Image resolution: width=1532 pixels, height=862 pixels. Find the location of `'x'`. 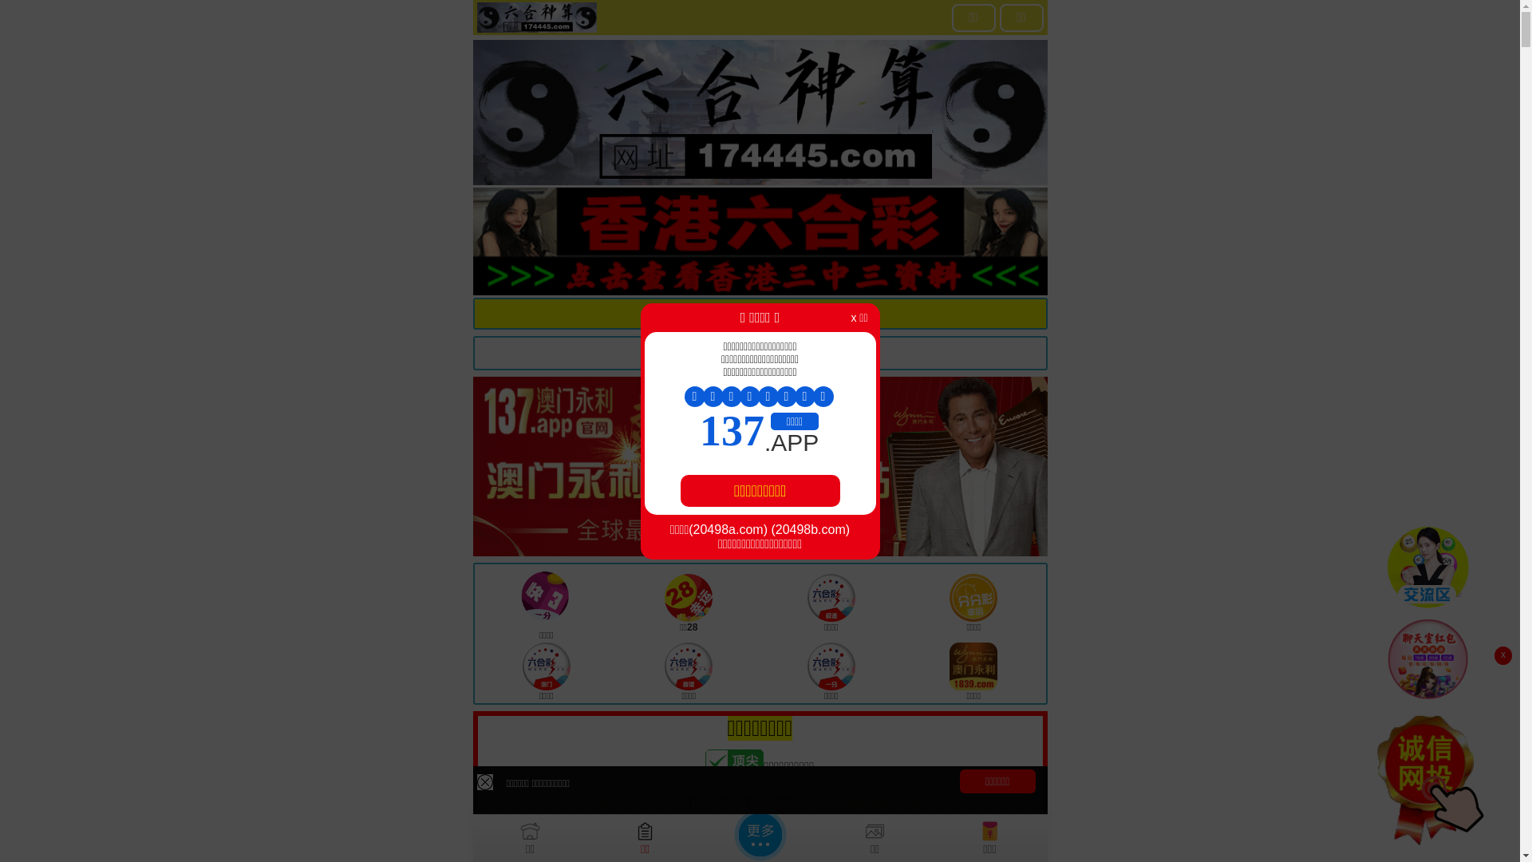

'x' is located at coordinates (1502, 655).